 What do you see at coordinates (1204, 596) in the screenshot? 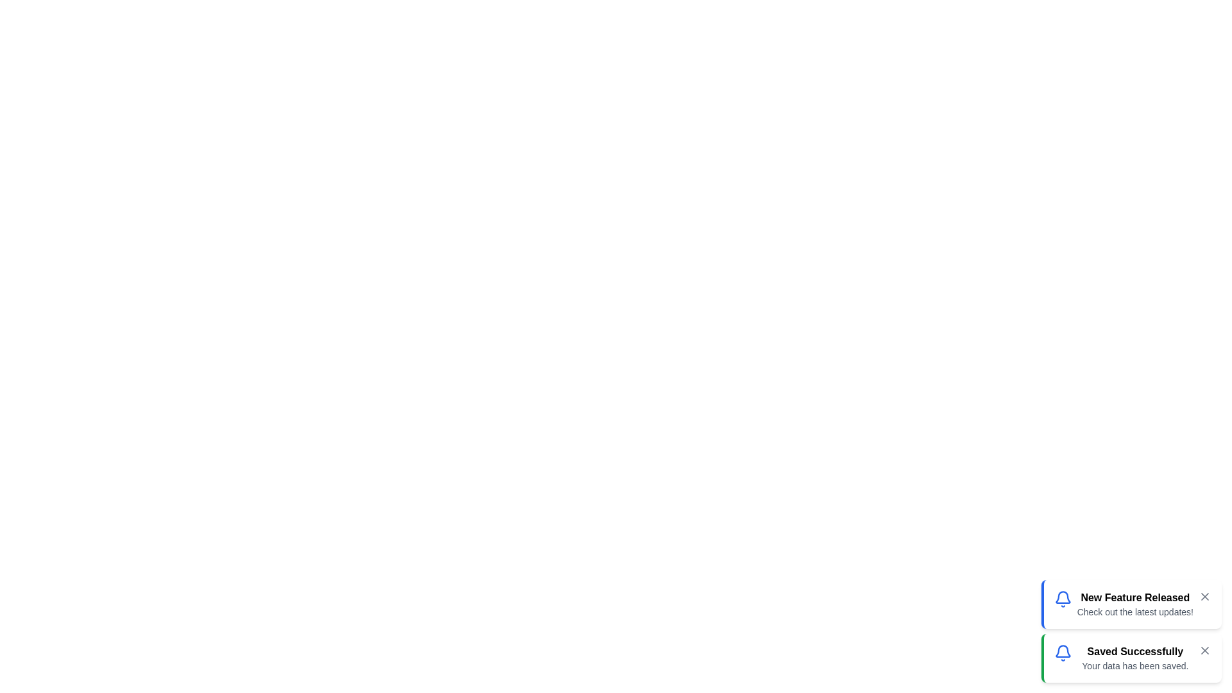
I see `the close icon located at the top-right corner of the 'New Feature Released' notification card` at bounding box center [1204, 596].